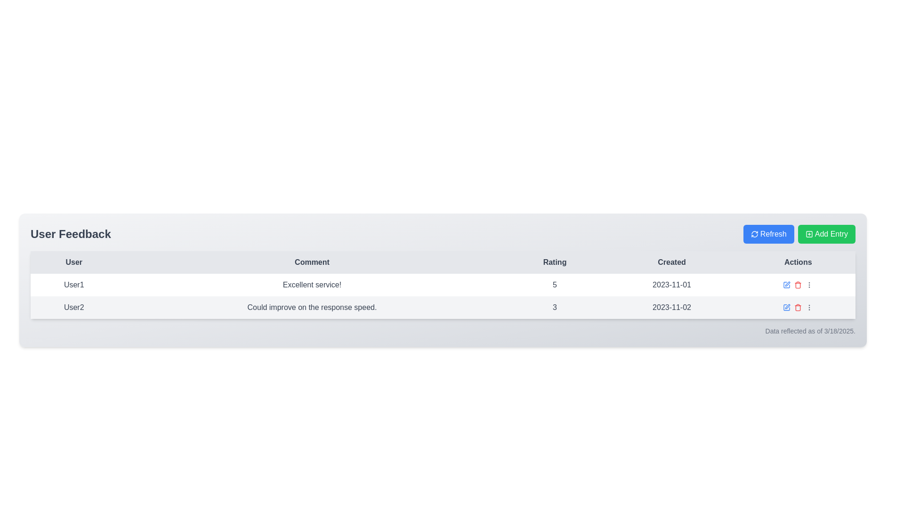 This screenshot has width=904, height=508. I want to click on the decorative graphical element located in the Actions column of the table row, which serves as a background for the icon set in the top-right button of the interface, so click(808, 233).